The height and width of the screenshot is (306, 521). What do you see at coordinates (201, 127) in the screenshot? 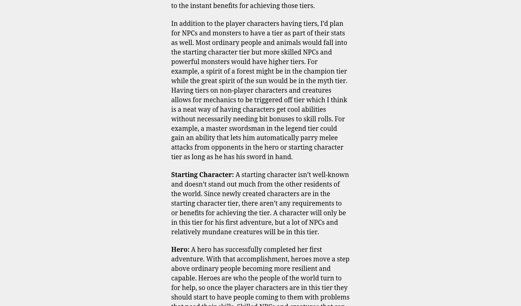
I see `'3 January 2014 at 8:36 am'` at bounding box center [201, 127].